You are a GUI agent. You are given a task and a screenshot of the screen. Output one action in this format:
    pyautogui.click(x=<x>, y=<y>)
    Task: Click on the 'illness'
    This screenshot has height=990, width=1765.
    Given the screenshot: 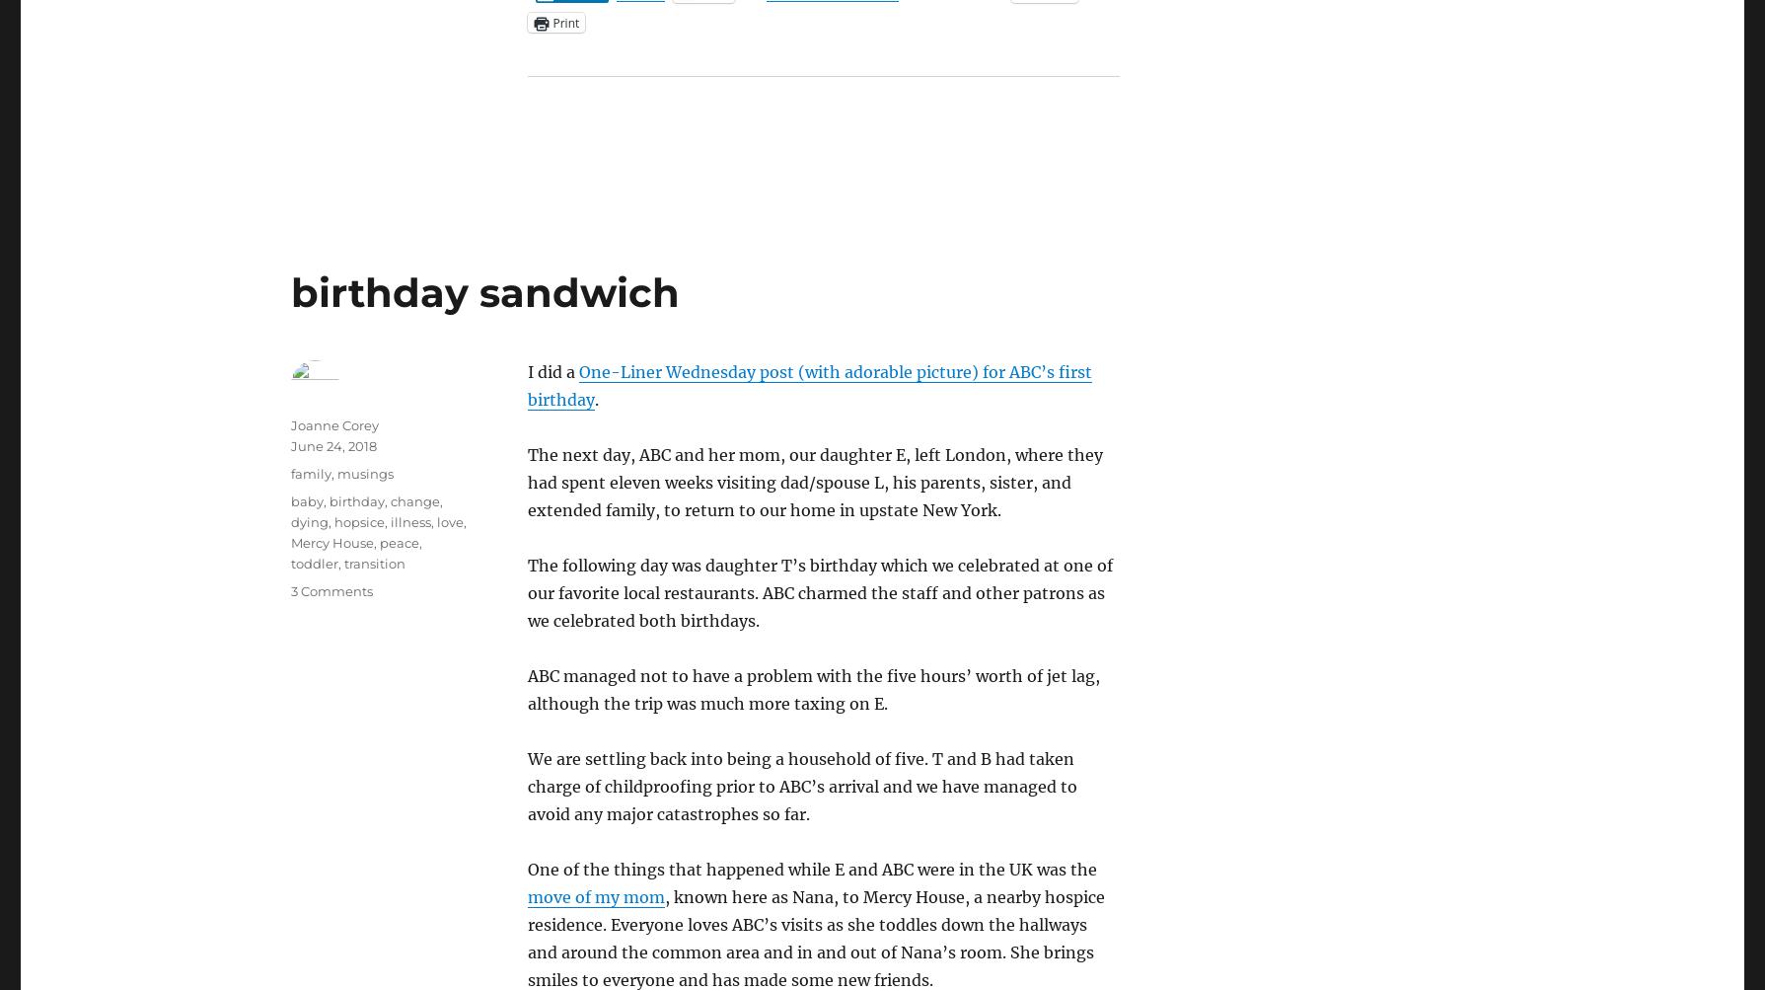 What is the action you would take?
    pyautogui.click(x=408, y=520)
    